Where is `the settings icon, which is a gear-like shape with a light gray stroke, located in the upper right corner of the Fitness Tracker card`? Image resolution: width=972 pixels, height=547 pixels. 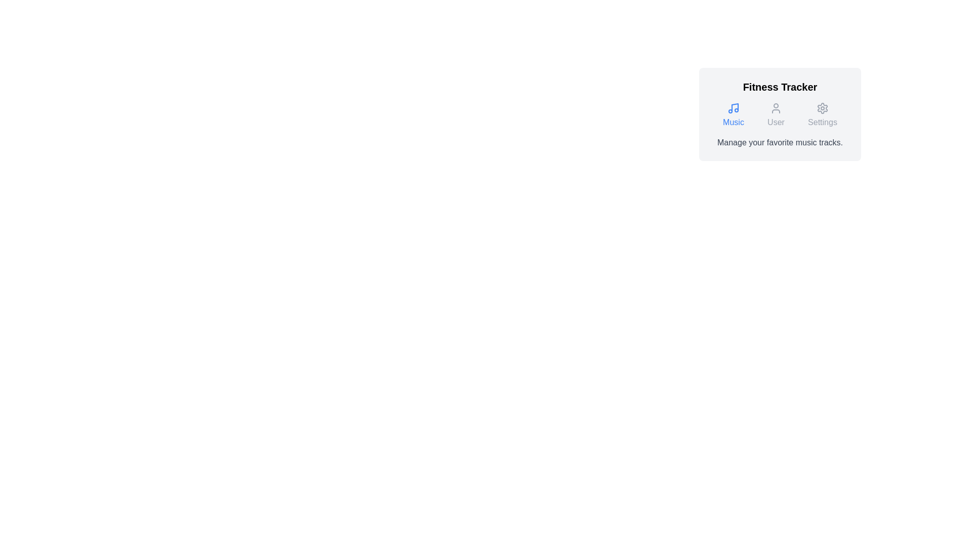
the settings icon, which is a gear-like shape with a light gray stroke, located in the upper right corner of the Fitness Tracker card is located at coordinates (822, 108).